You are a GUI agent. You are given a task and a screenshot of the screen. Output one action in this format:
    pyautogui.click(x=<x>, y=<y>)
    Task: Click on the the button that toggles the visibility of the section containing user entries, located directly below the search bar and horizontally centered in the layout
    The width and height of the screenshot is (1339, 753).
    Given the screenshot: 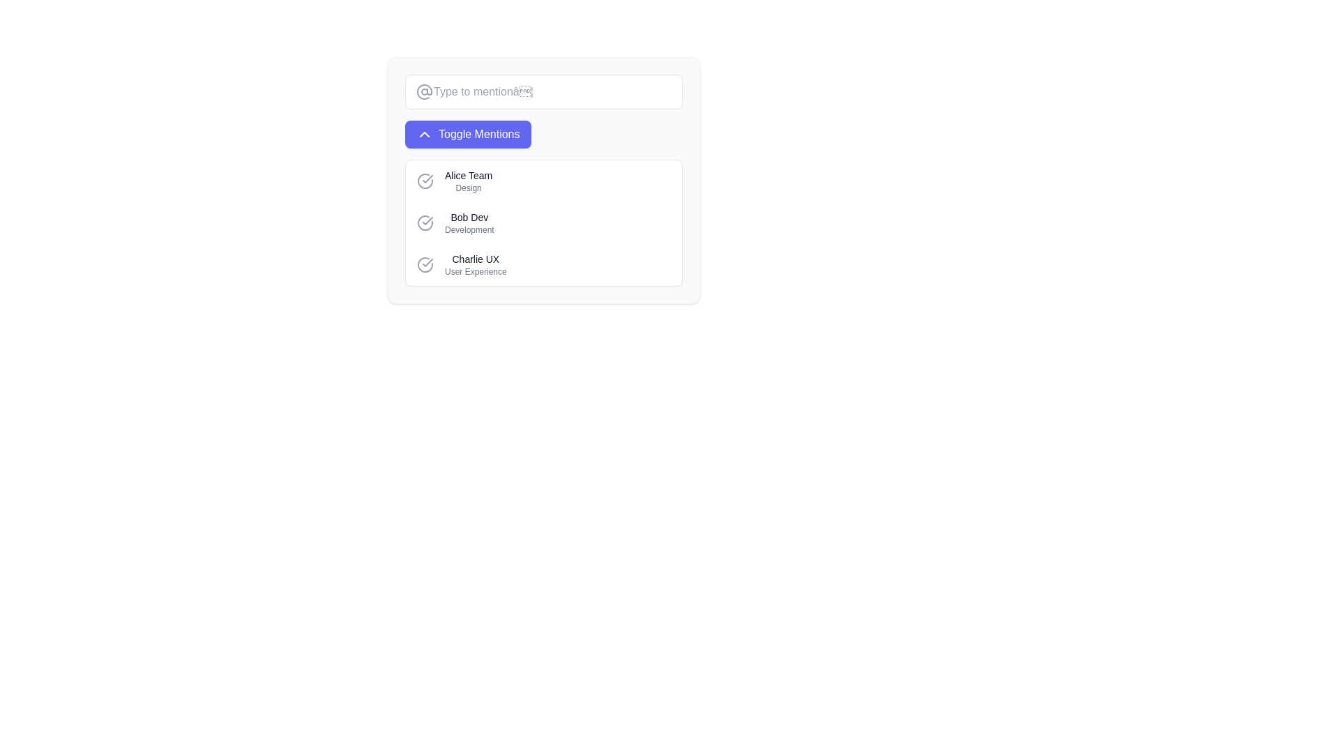 What is the action you would take?
    pyautogui.click(x=543, y=134)
    